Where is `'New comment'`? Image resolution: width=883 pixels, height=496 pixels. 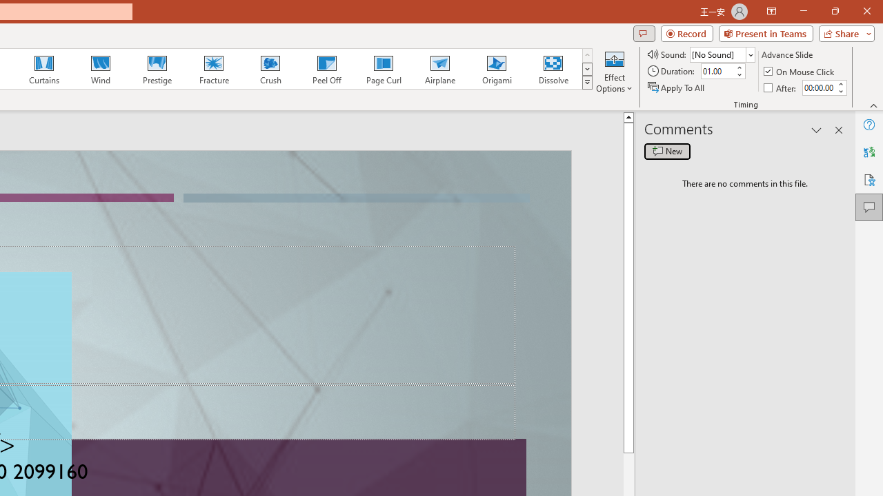
'New comment' is located at coordinates (667, 151).